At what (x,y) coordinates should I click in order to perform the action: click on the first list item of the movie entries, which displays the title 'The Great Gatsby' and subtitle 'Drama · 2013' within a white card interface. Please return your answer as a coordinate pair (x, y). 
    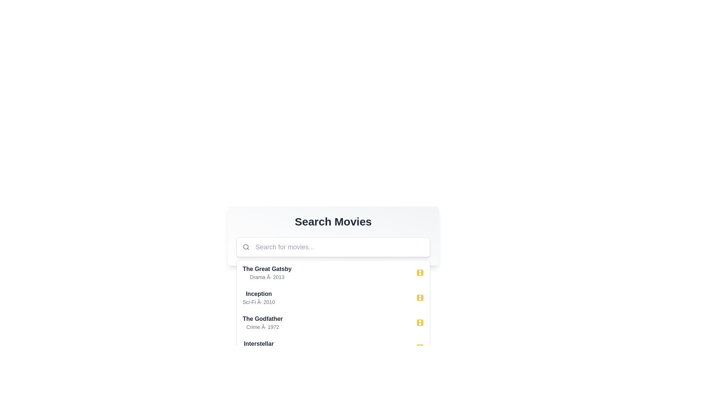
    Looking at the image, I should click on (267, 273).